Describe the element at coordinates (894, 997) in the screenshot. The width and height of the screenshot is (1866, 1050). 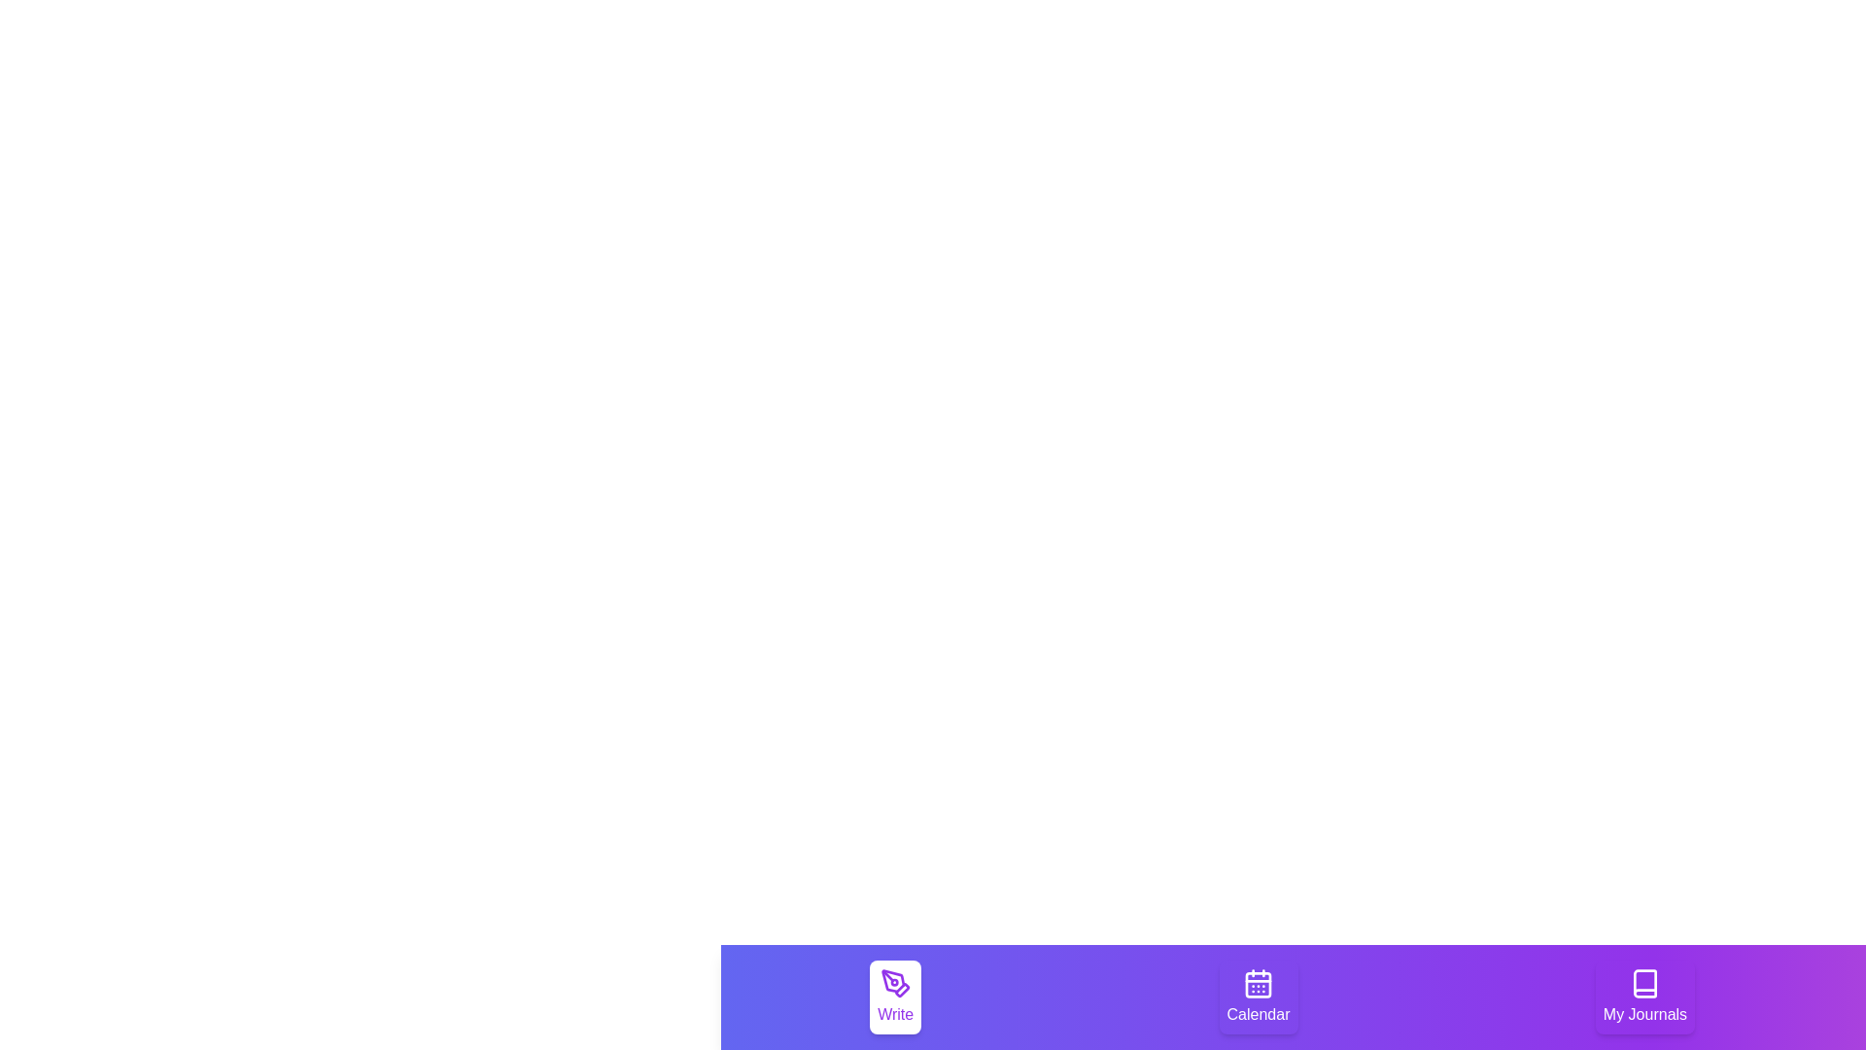
I see `the tab labeled Write to see the hover effect` at that location.